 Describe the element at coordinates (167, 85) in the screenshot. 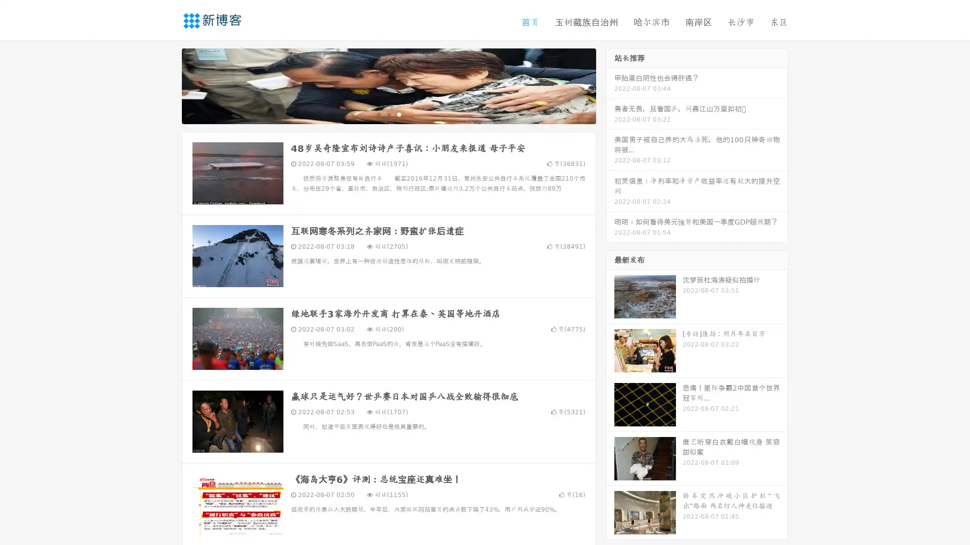

I see `Previous slide` at that location.